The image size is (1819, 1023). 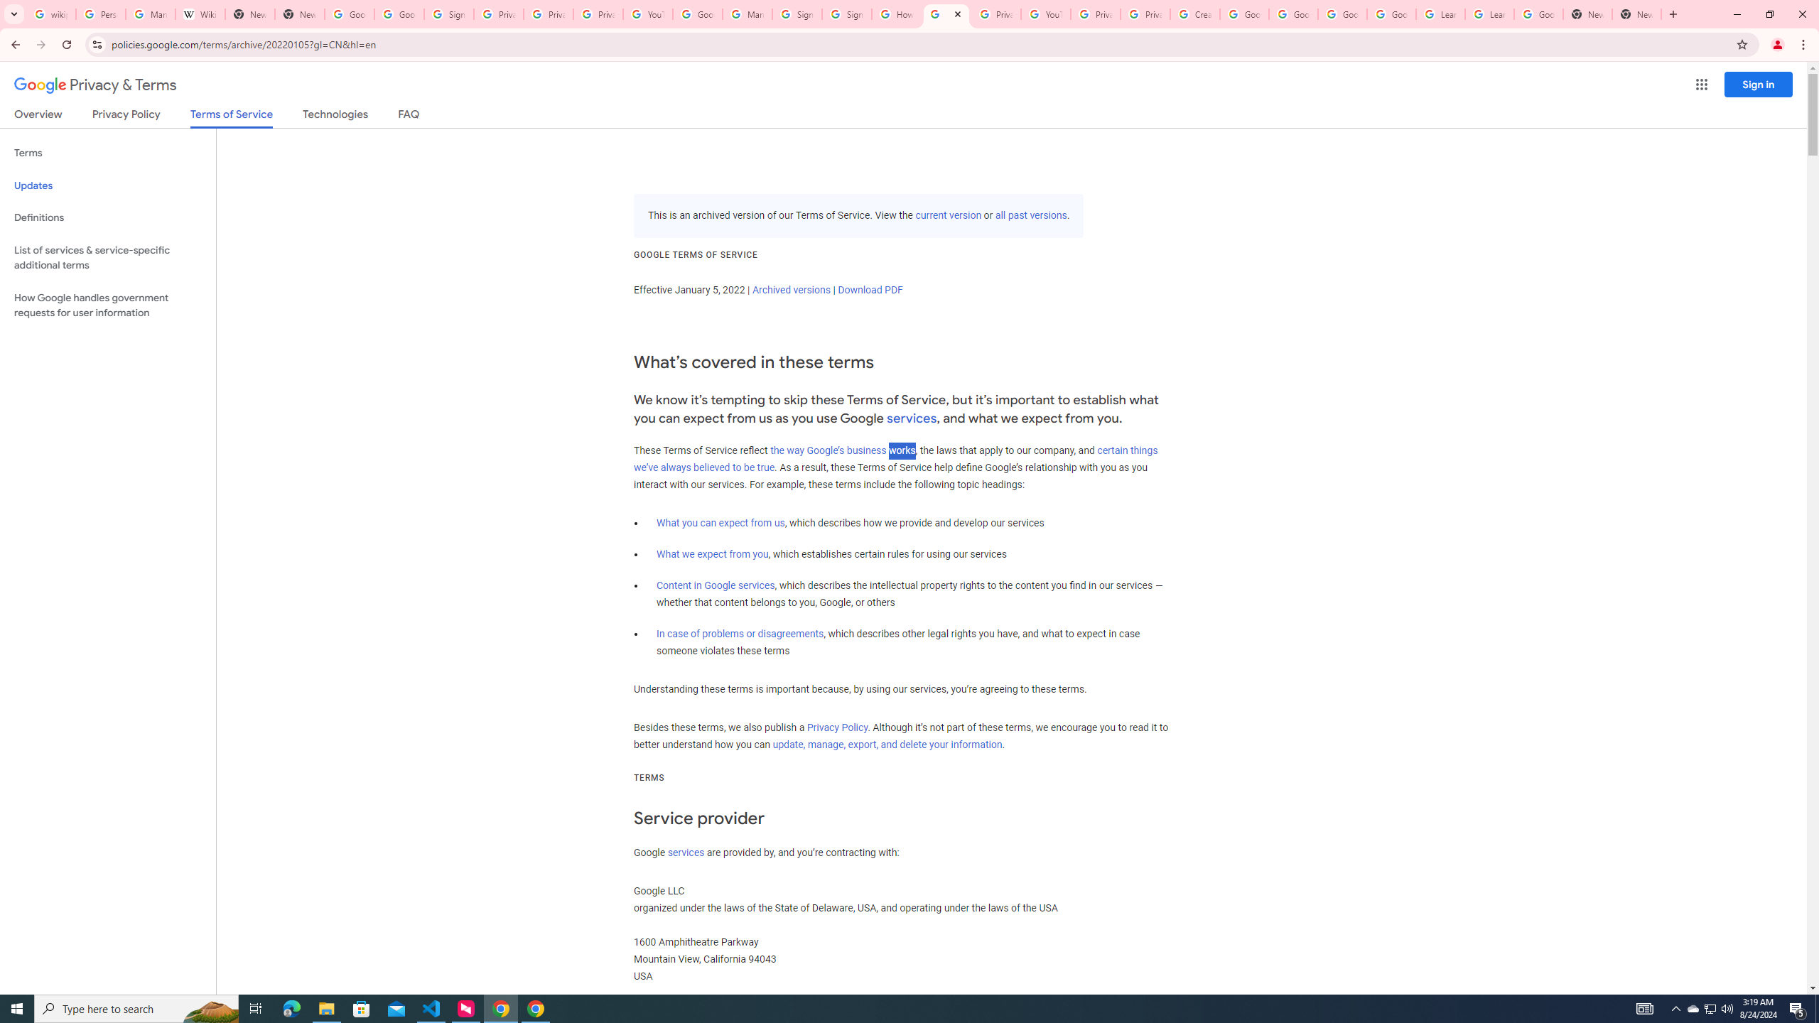 What do you see at coordinates (1587, 13) in the screenshot?
I see `'New Tab'` at bounding box center [1587, 13].